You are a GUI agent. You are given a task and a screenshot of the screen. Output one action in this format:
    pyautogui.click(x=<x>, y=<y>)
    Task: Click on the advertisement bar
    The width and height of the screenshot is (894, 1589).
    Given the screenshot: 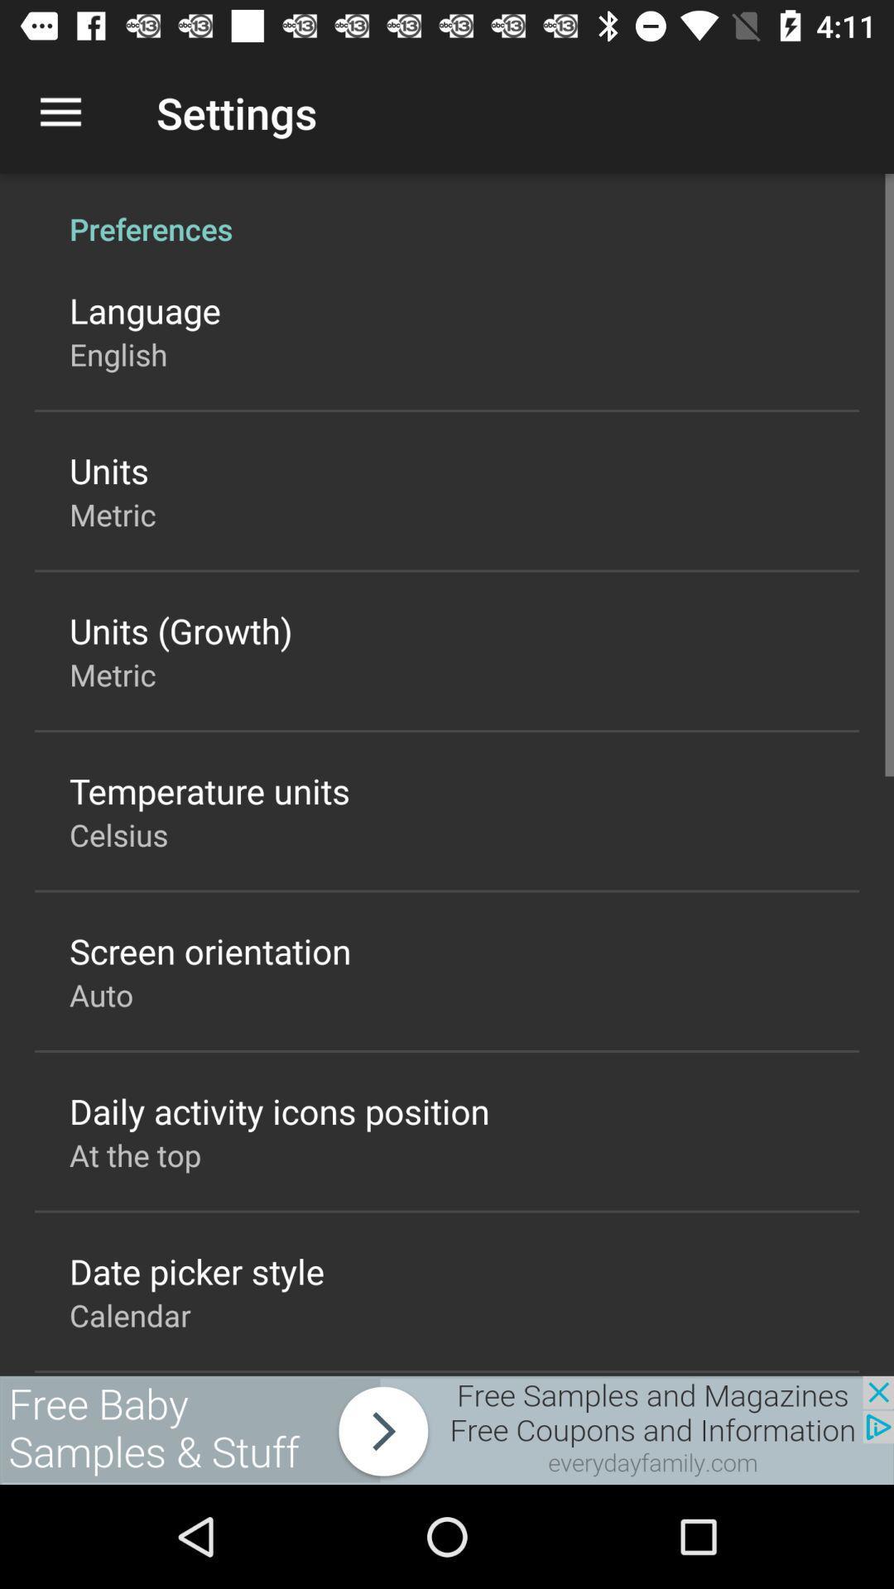 What is the action you would take?
    pyautogui.click(x=447, y=1429)
    